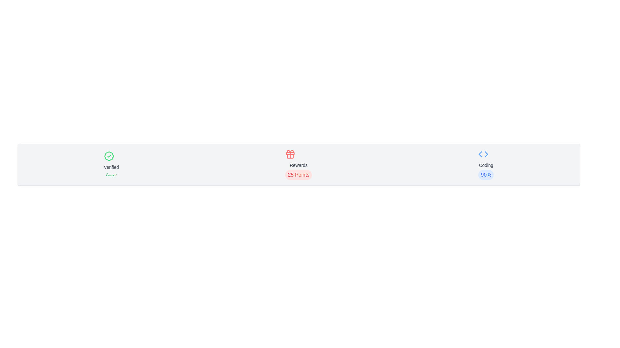  What do you see at coordinates (109, 156) in the screenshot?
I see `the visual indicator badge, which serves as a verification status icon located above the texts 'Verified' and 'Active'` at bounding box center [109, 156].